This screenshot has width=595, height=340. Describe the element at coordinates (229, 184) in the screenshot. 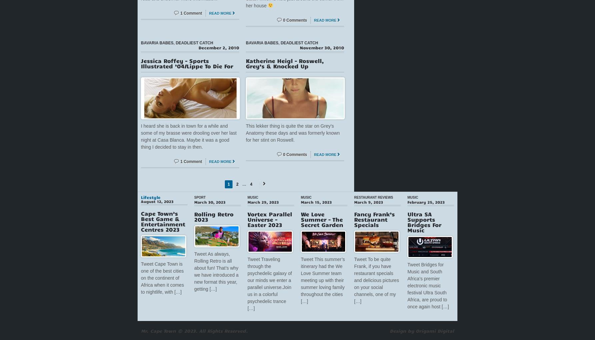

I see `'1'` at that location.